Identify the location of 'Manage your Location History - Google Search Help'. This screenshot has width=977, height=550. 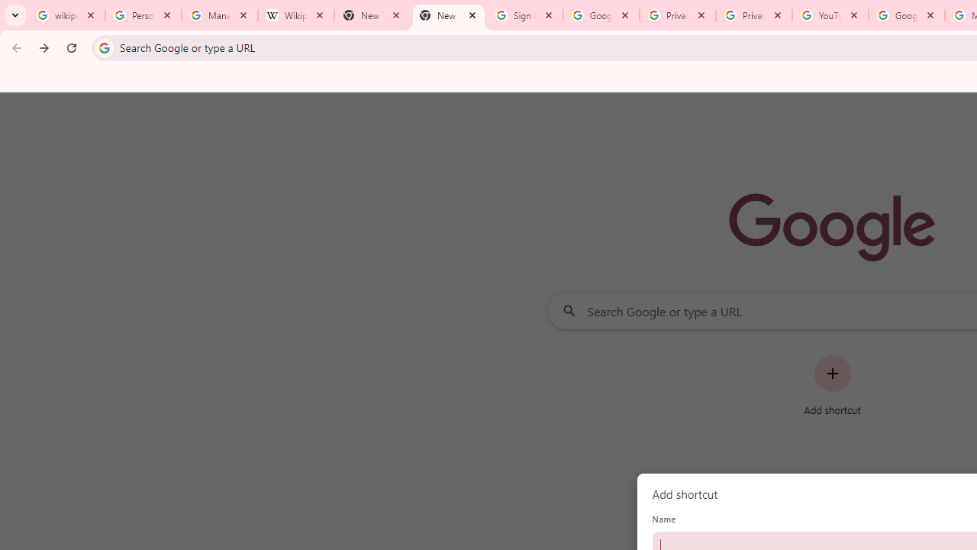
(219, 15).